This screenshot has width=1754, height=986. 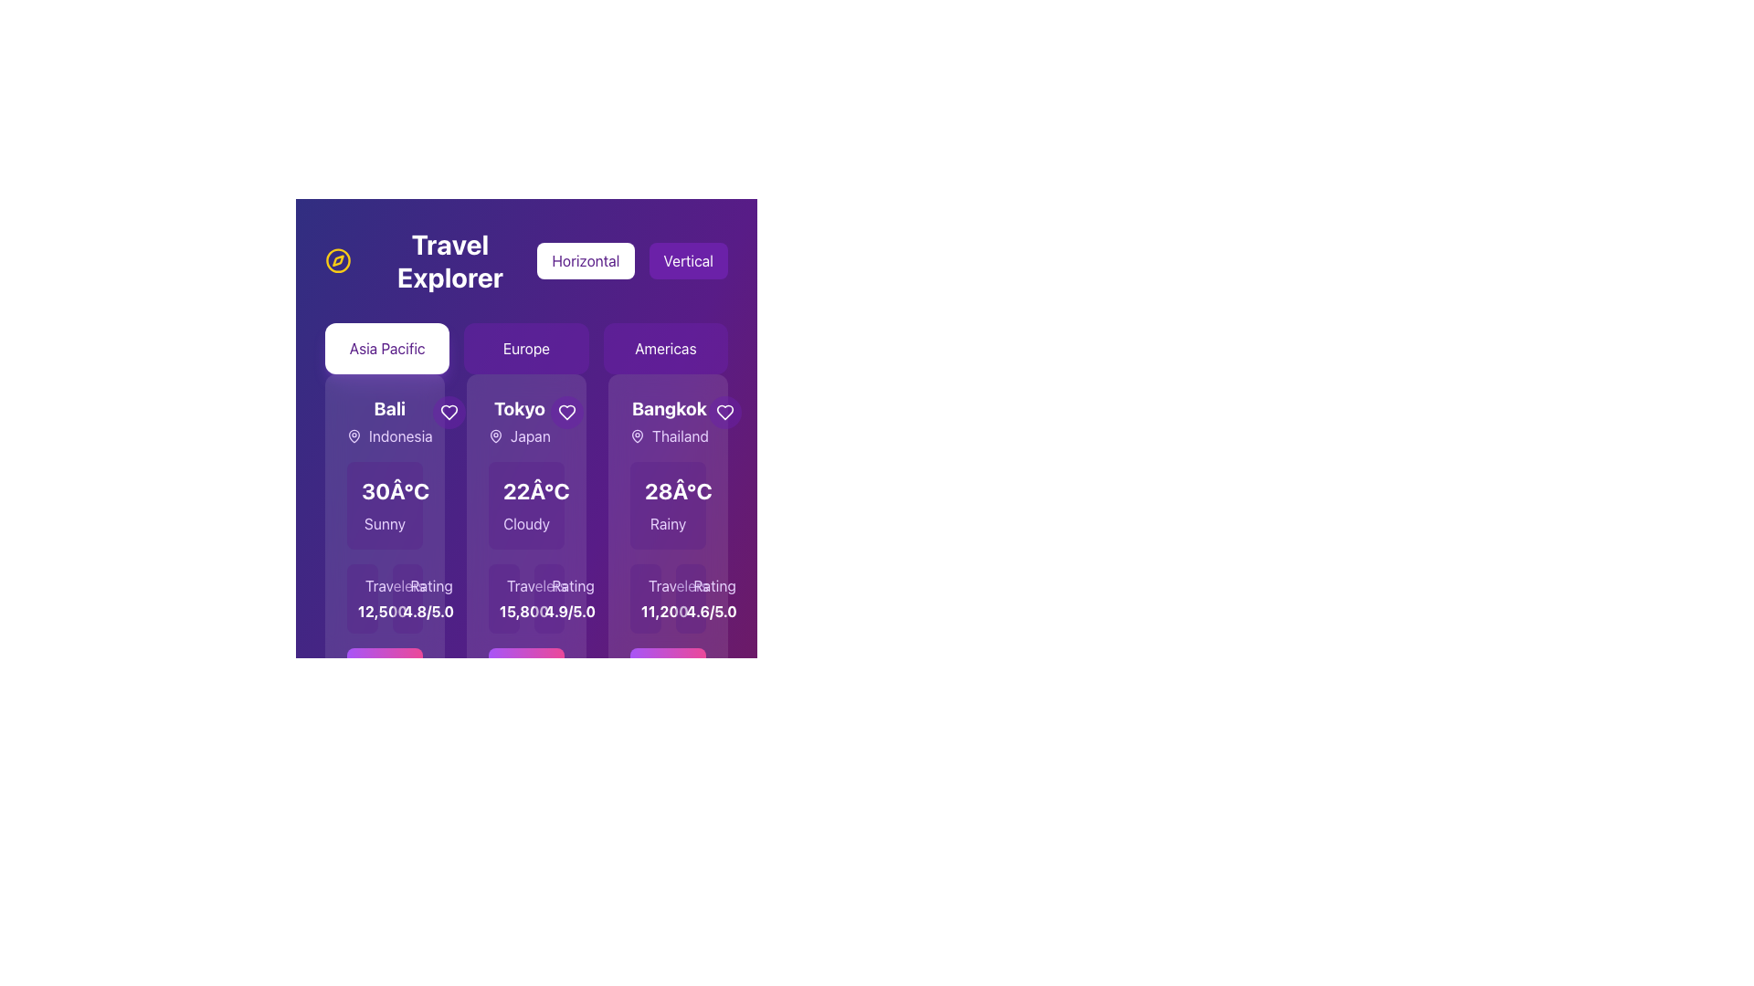 I want to click on the map pin SVG icon located immediately to the left of the text 'Japan' for interaction, so click(x=495, y=436).